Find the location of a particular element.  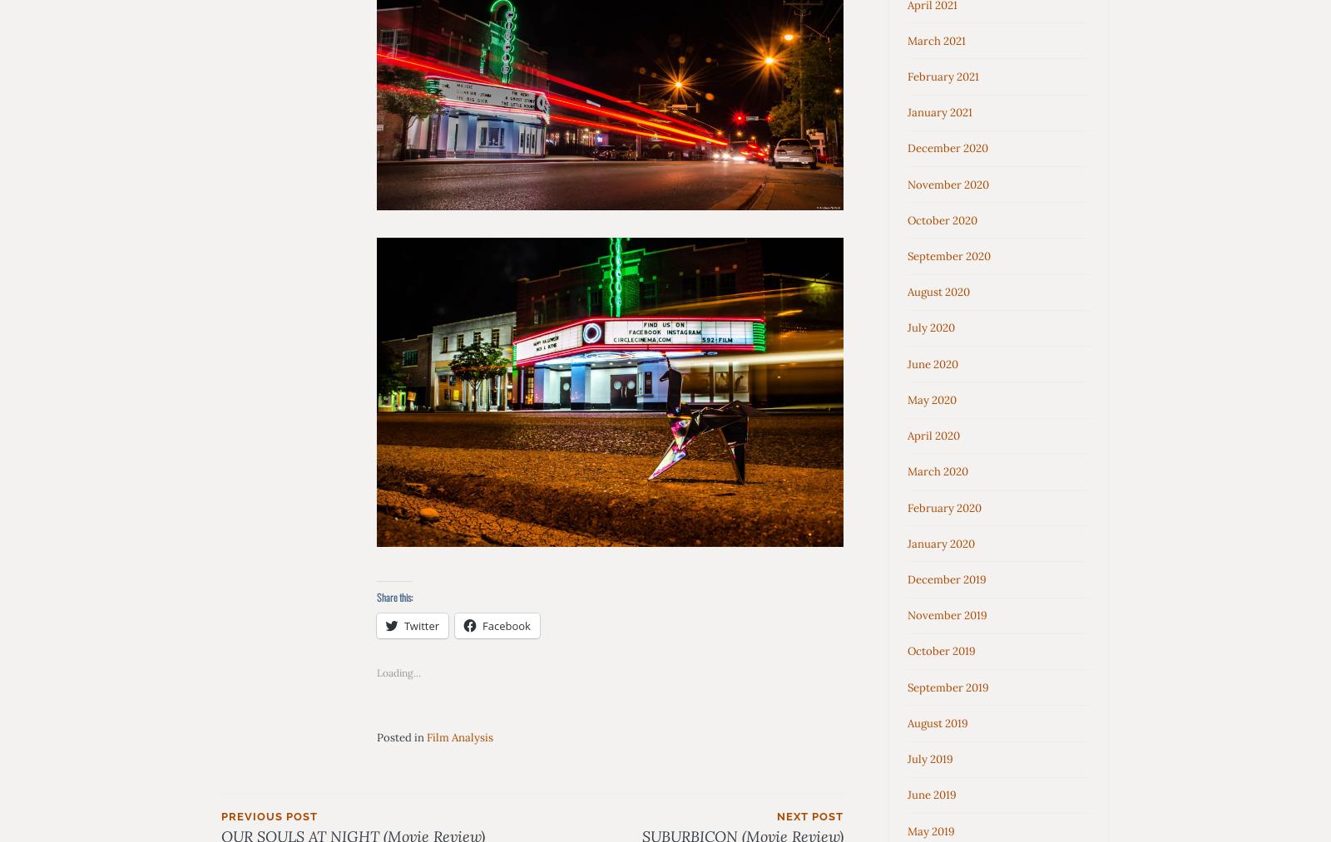

'October 2019' is located at coordinates (908, 651).